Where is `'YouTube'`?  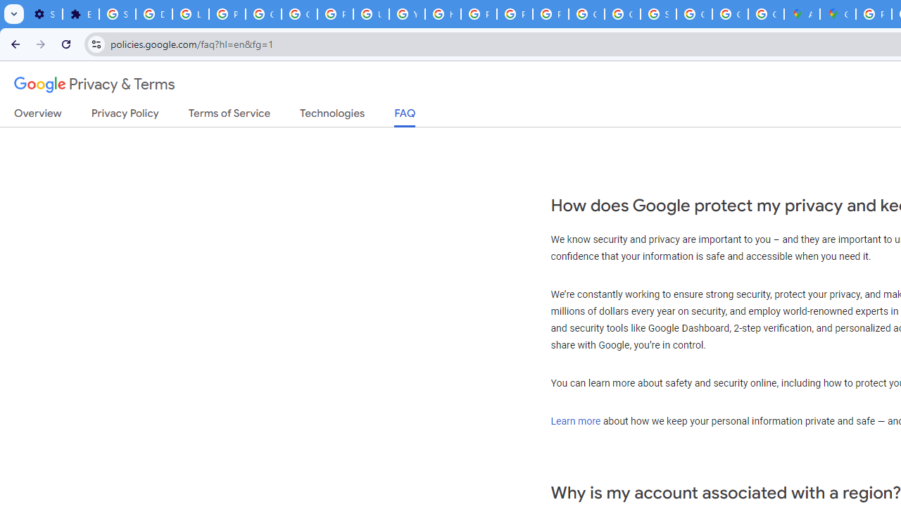 'YouTube' is located at coordinates (406, 14).